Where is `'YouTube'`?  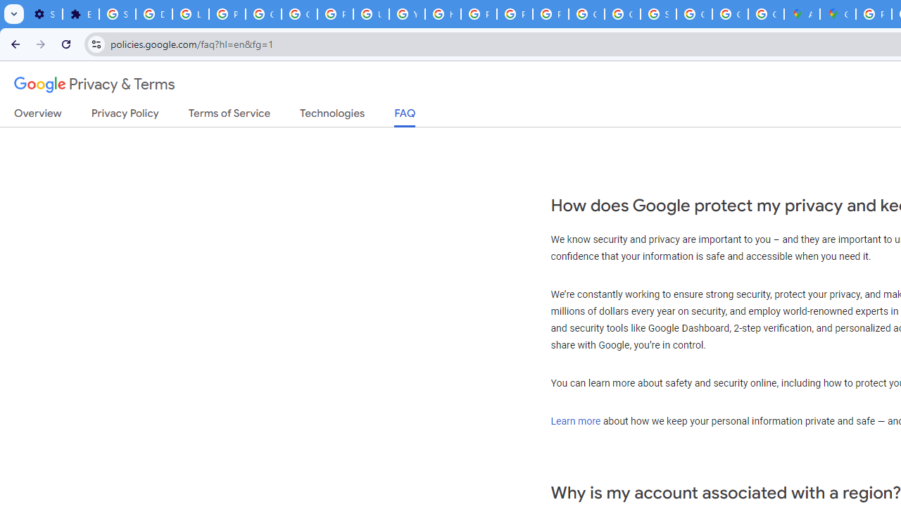 'YouTube' is located at coordinates (406, 14).